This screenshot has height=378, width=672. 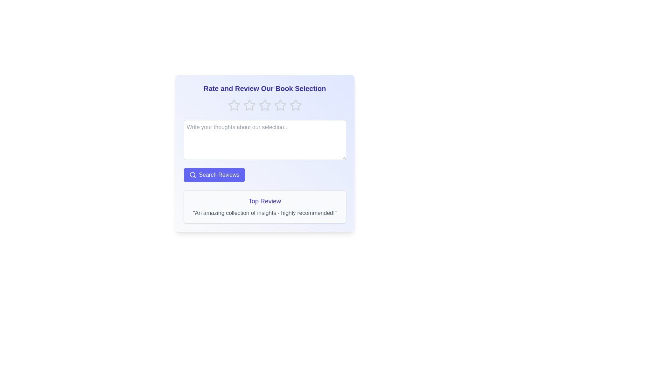 What do you see at coordinates (249, 105) in the screenshot?
I see `the rating to 2 stars by clicking the corresponding star` at bounding box center [249, 105].